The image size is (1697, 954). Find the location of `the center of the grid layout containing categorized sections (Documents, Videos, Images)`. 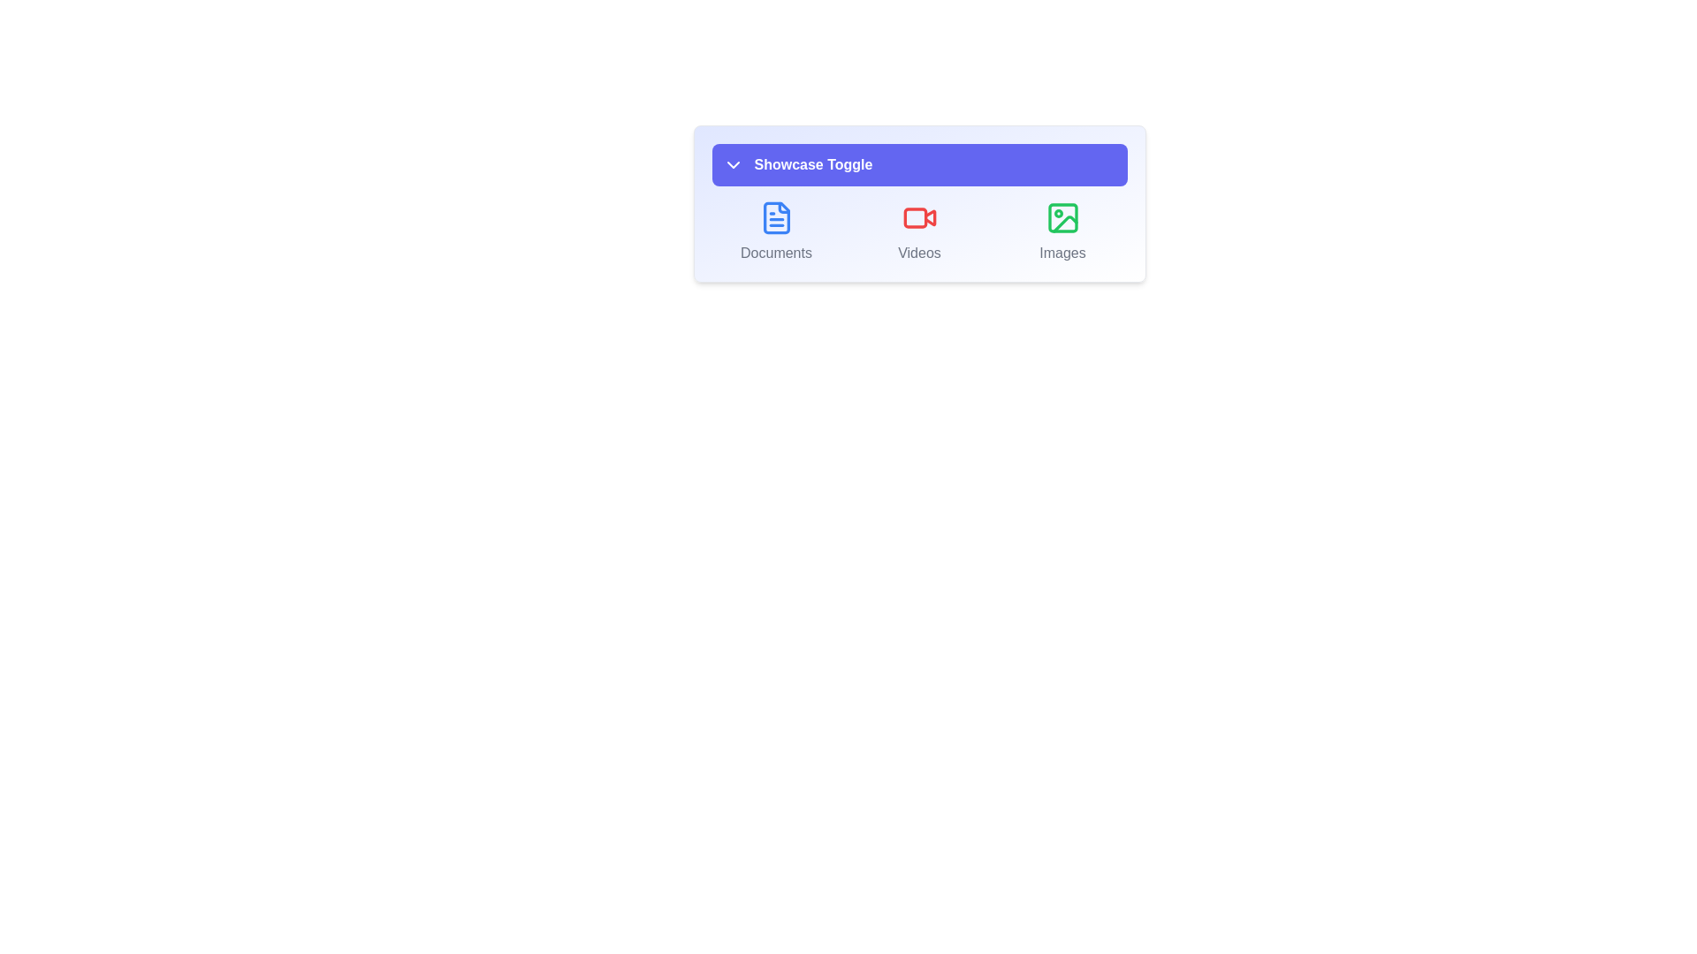

the center of the grid layout containing categorized sections (Documents, Videos, Images) is located at coordinates (919, 231).